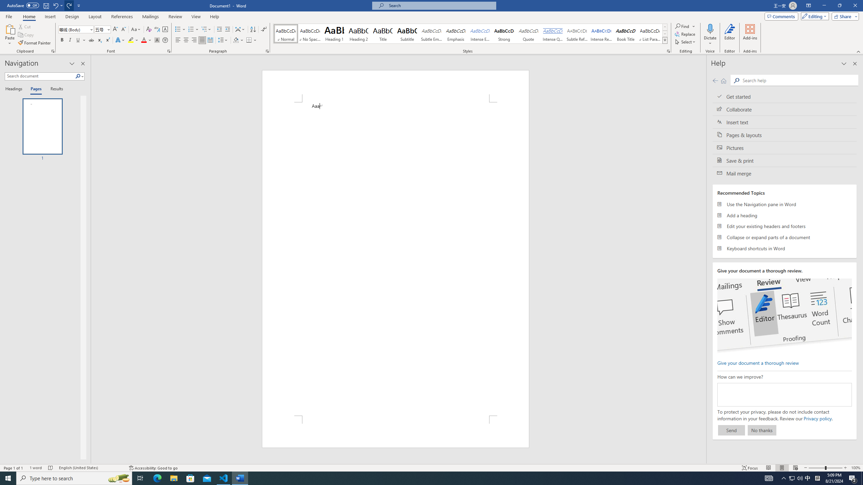 The width and height of the screenshot is (863, 485). Describe the element at coordinates (784, 316) in the screenshot. I see `'editor ui screenshot'` at that location.